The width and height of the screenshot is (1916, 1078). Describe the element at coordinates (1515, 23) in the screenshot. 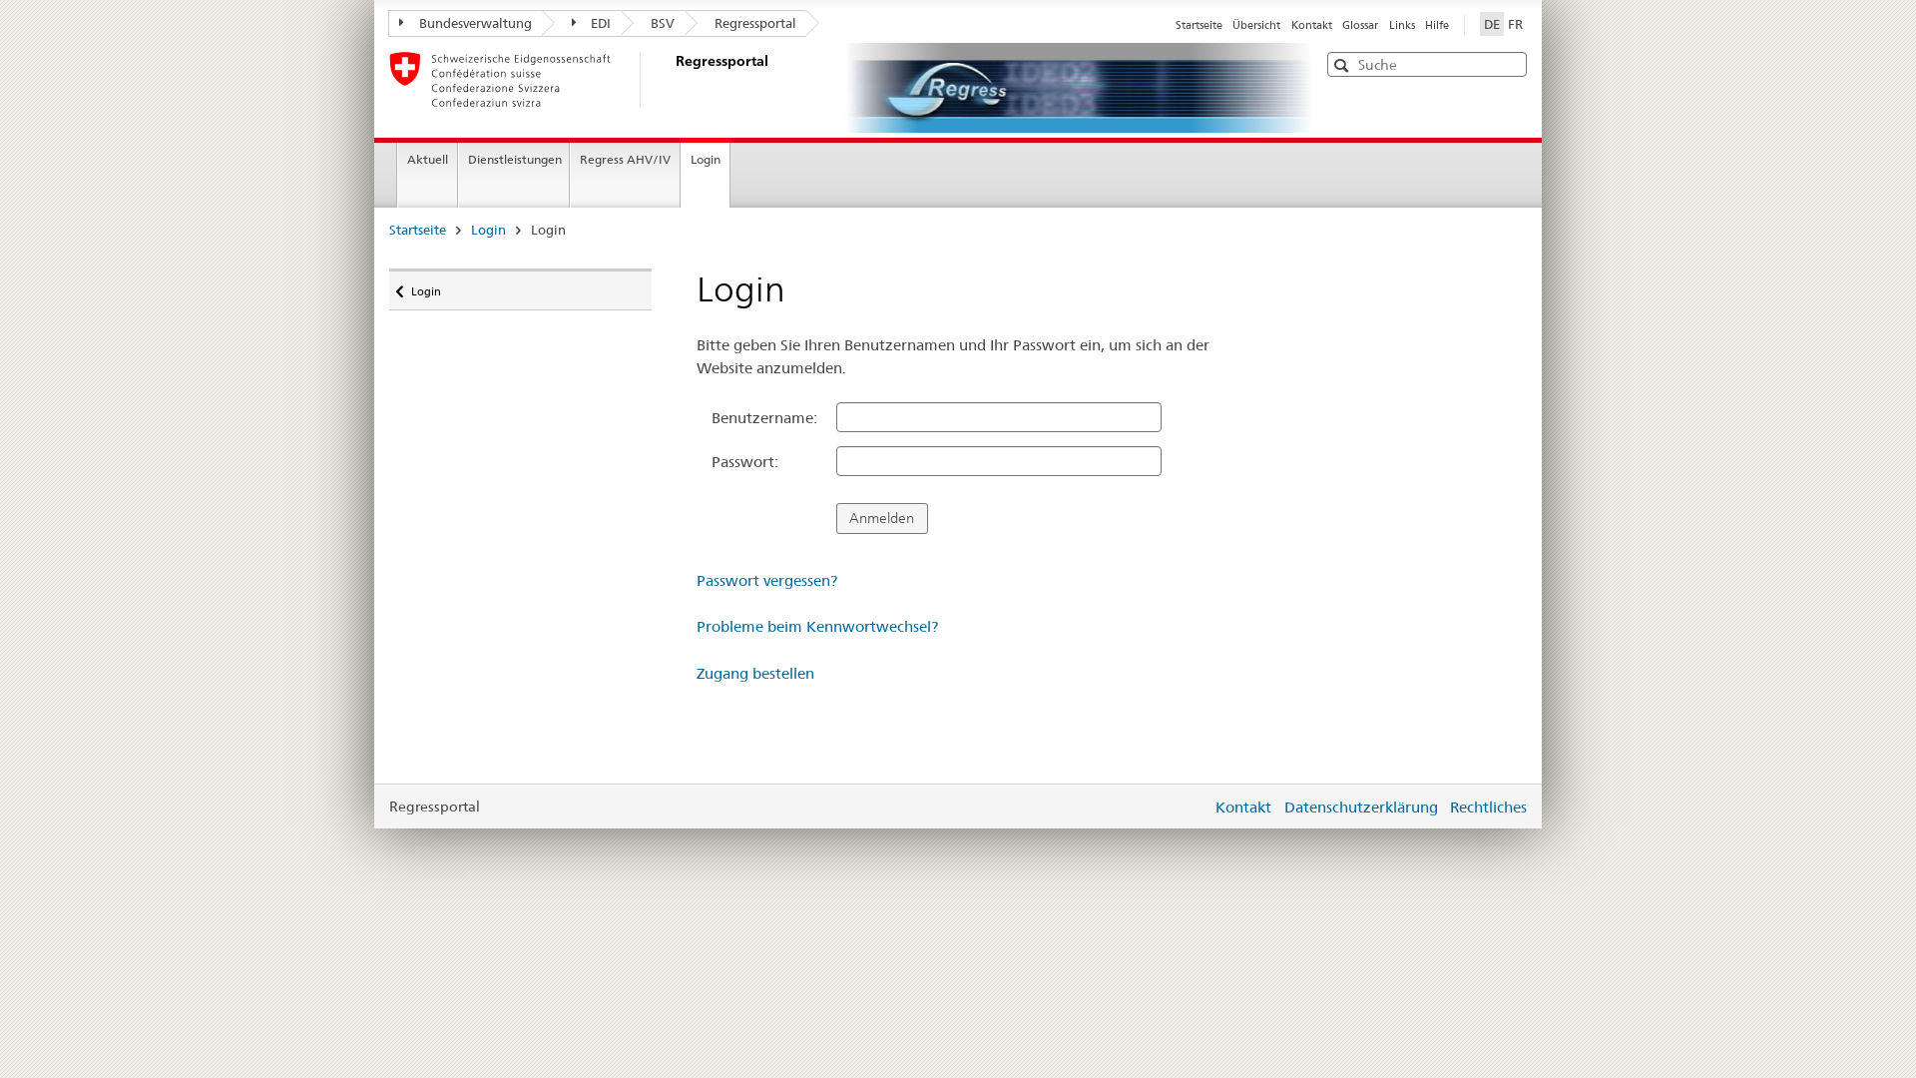

I see `'FR'` at that location.